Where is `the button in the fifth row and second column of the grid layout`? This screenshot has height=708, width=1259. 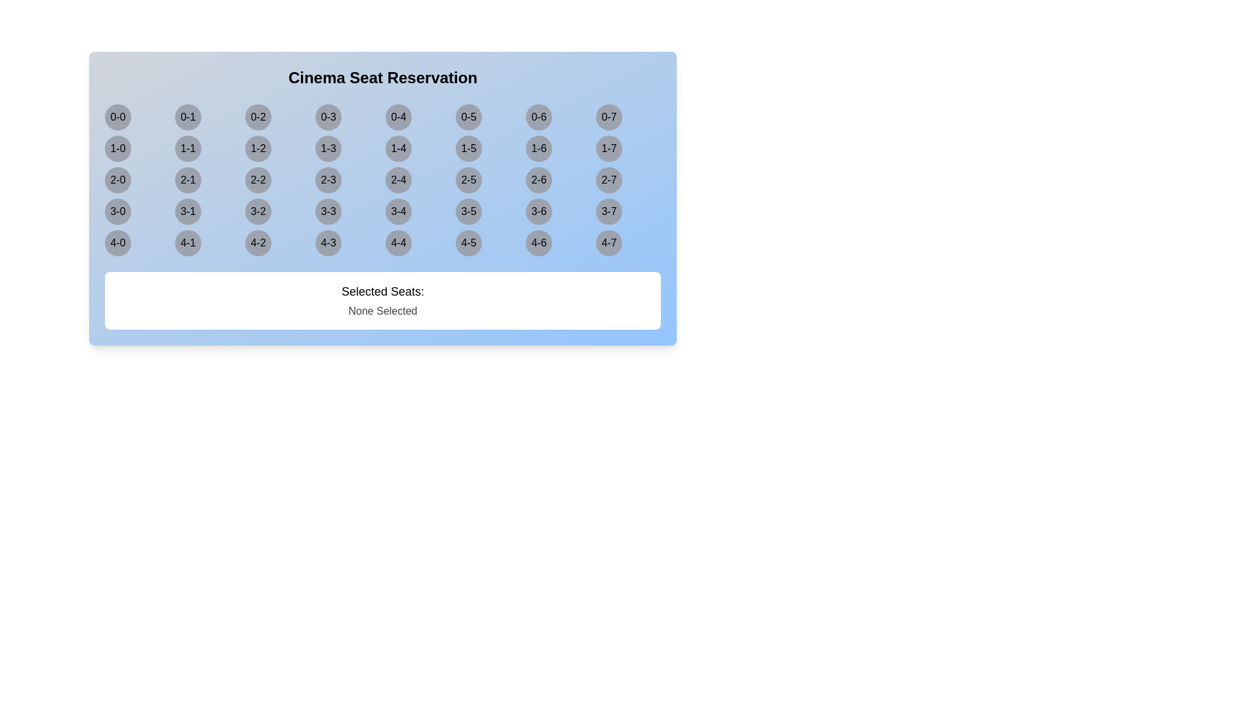
the button in the fifth row and second column of the grid layout is located at coordinates (188, 243).